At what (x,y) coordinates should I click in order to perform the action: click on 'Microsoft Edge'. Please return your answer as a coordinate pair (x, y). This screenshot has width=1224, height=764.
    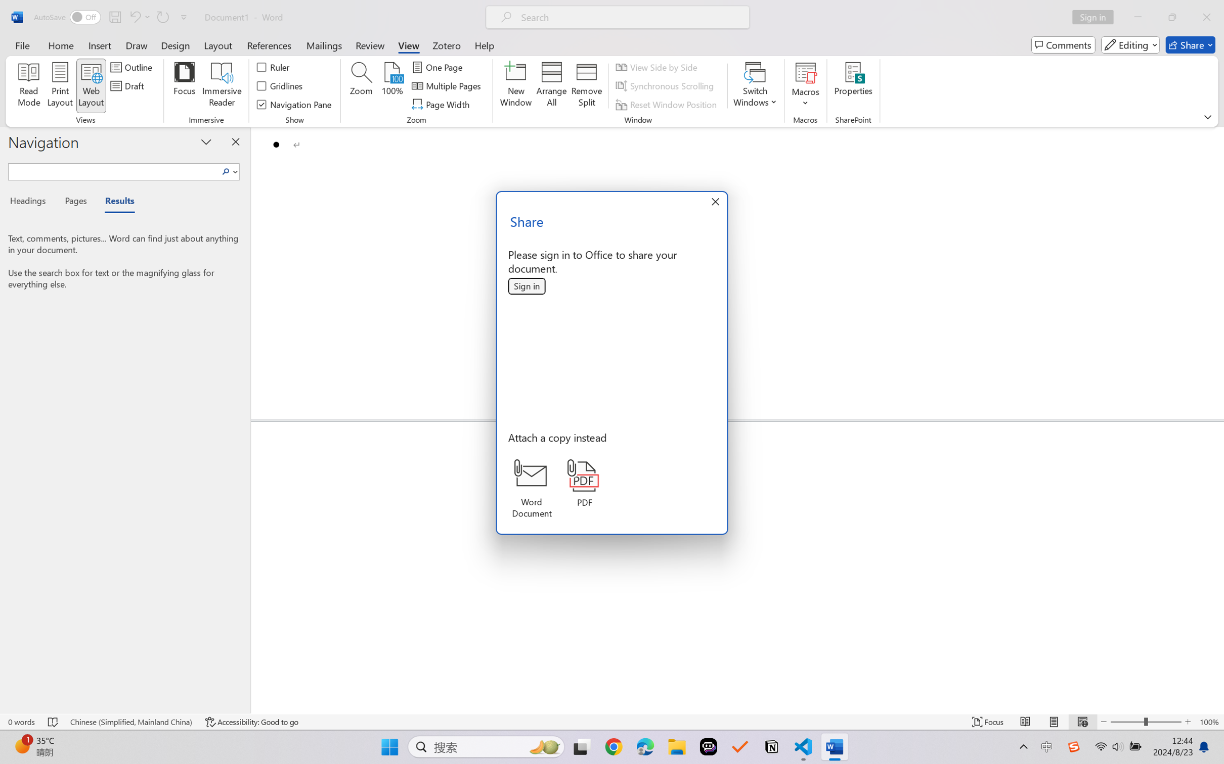
    Looking at the image, I should click on (645, 747).